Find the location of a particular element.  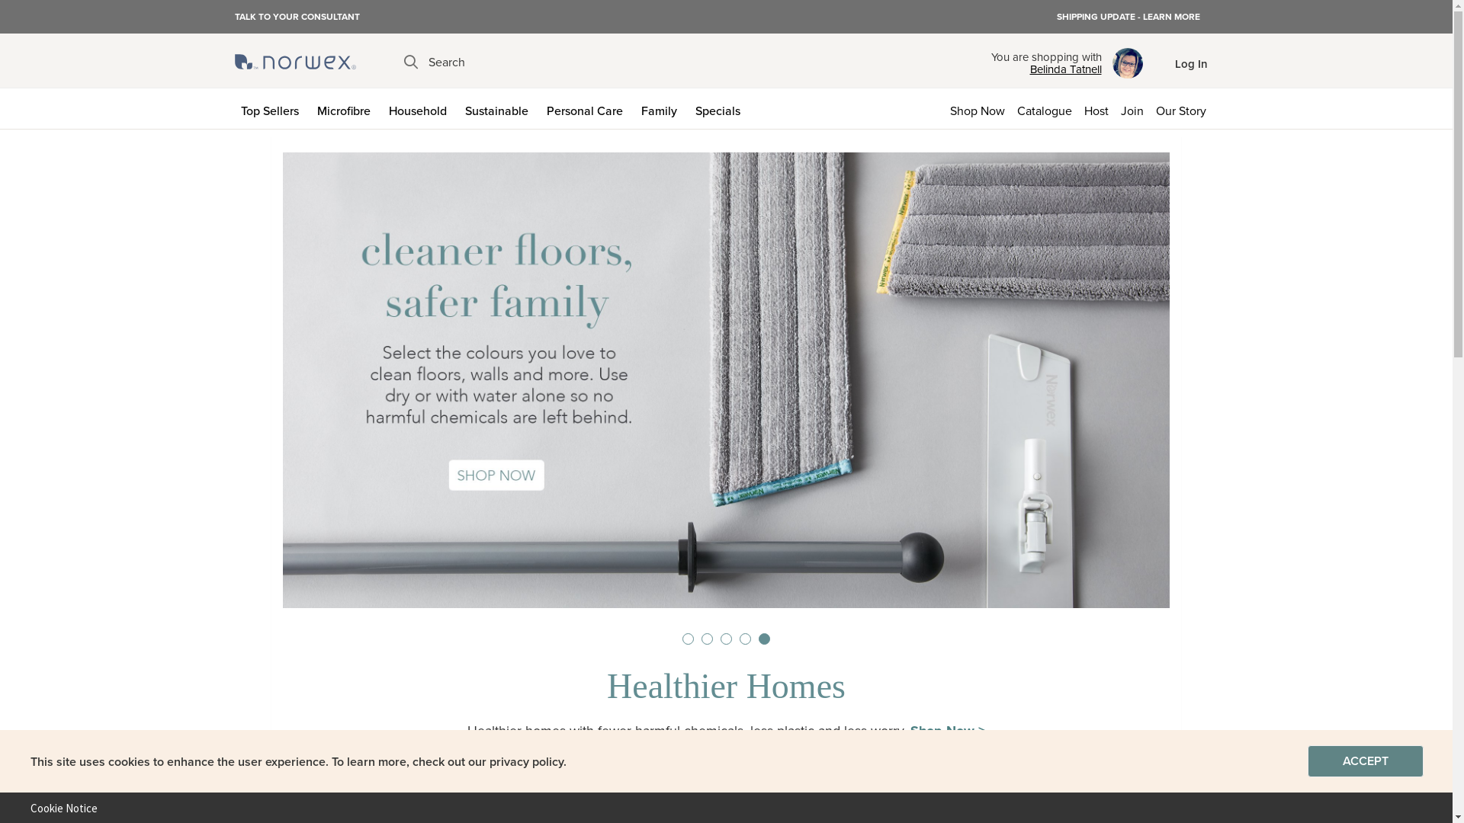

'Top Sellers' is located at coordinates (273, 107).